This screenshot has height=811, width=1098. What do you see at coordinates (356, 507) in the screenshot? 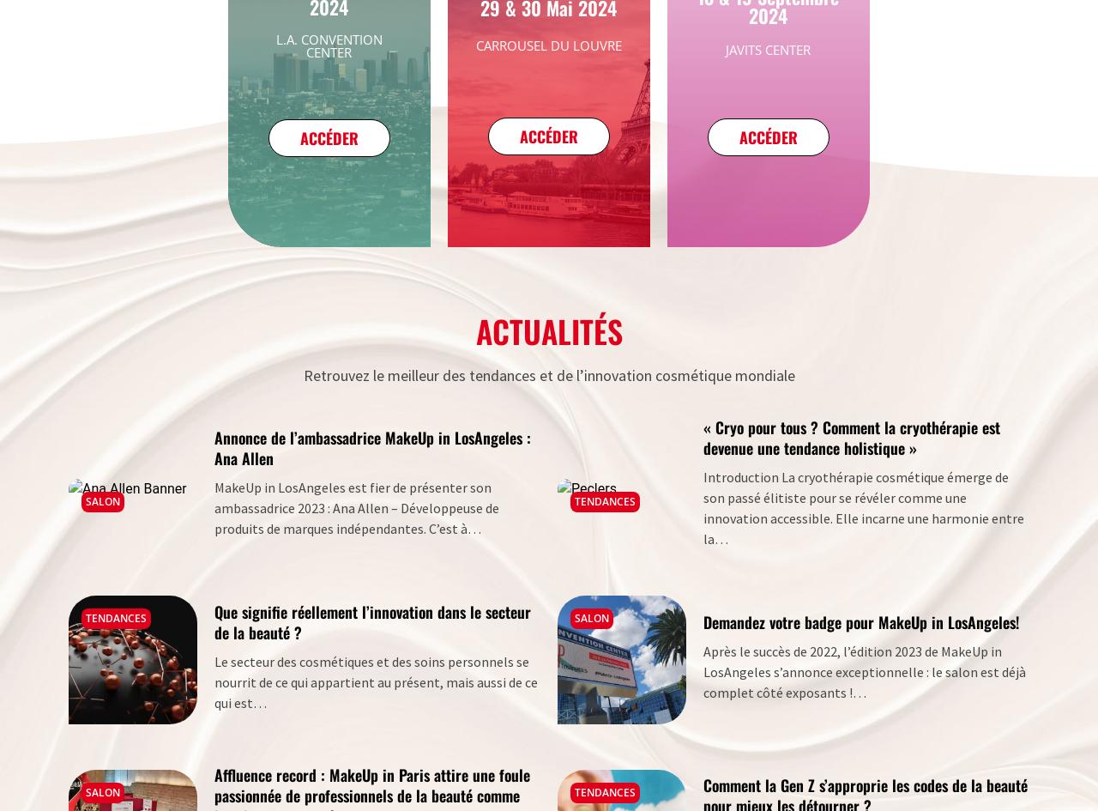
I see `'MakeUp in LosAngeles est fier de présenter son ambassadrice 2023 : Ana Allen – Développeuse de produits de marques indépendantes. C’est à…'` at bounding box center [356, 507].